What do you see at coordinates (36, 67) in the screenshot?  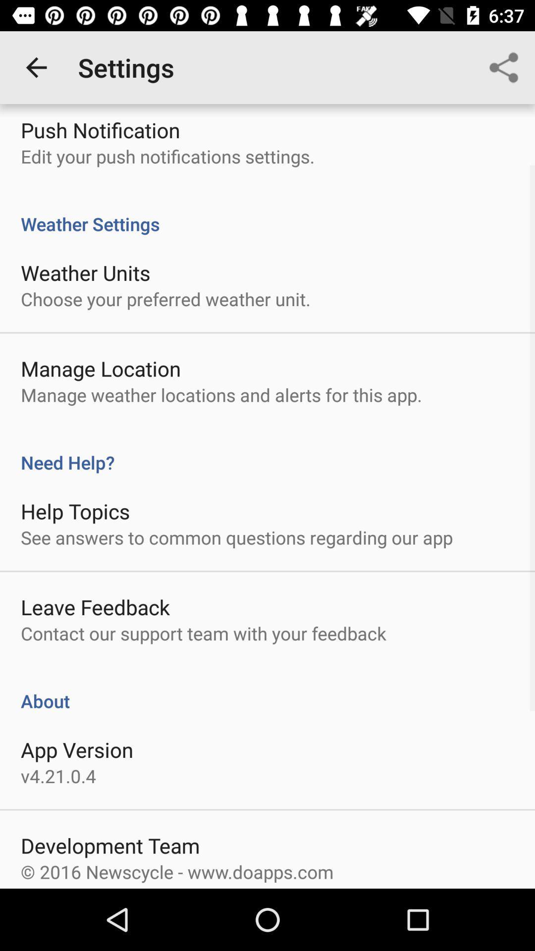 I see `the icon to the left of the settings  item` at bounding box center [36, 67].